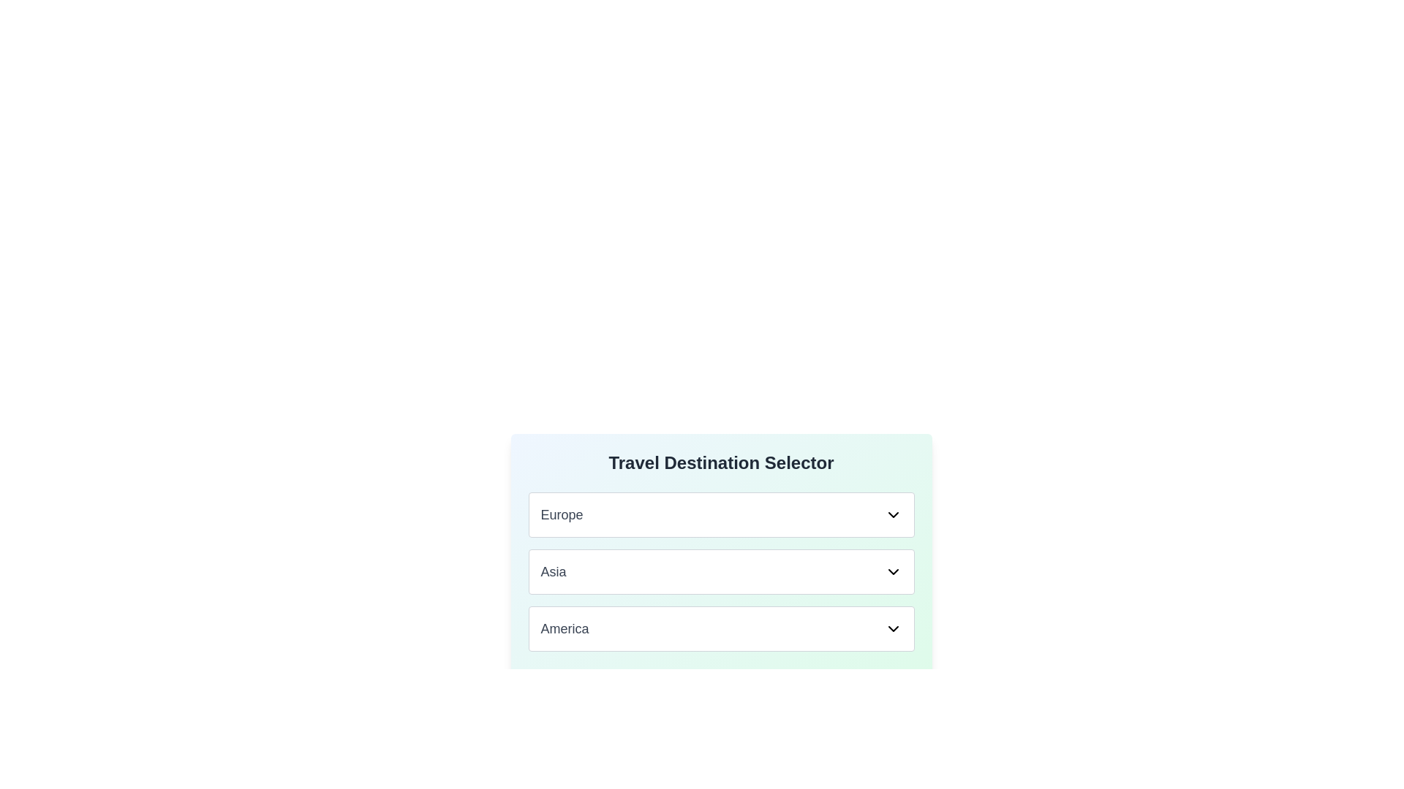 The width and height of the screenshot is (1404, 789). Describe the element at coordinates (892, 514) in the screenshot. I see `the downward-facing chevron icon next to the 'Europe' text in the Travel Destination Selector` at that location.